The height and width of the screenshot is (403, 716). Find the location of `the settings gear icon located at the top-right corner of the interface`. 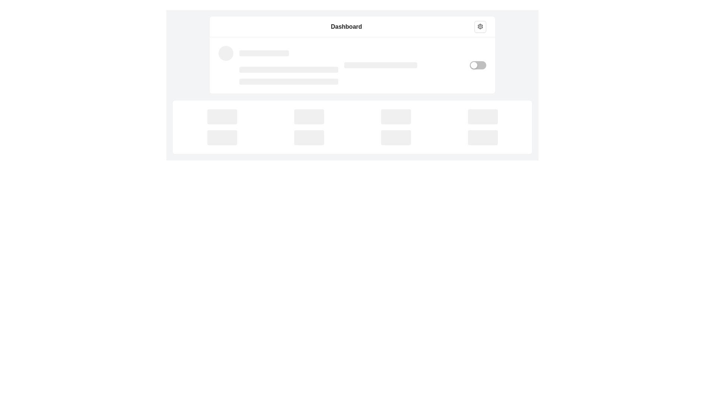

the settings gear icon located at the top-right corner of the interface is located at coordinates (480, 26).